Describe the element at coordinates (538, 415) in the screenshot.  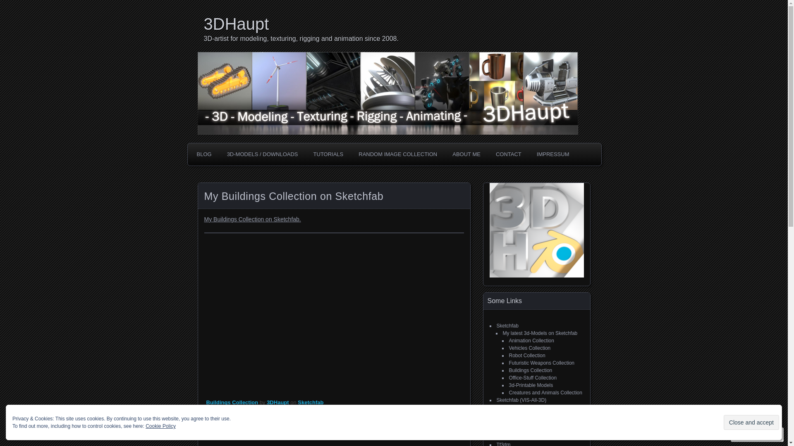
I see `'My free 3d models on CGTrader'` at that location.